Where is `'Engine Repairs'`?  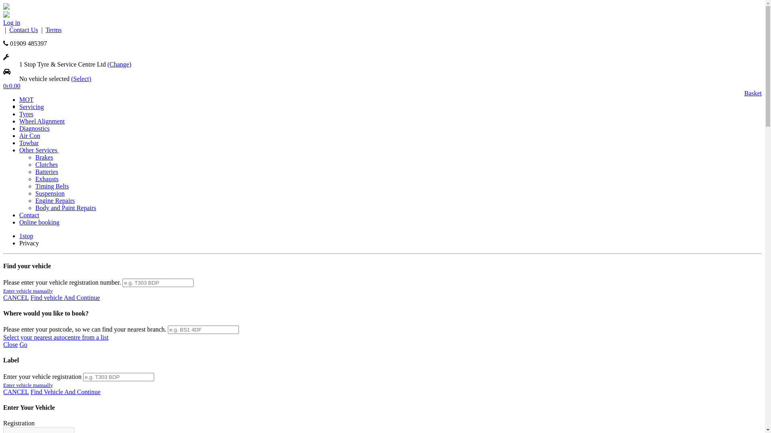
'Engine Repairs' is located at coordinates (55, 200).